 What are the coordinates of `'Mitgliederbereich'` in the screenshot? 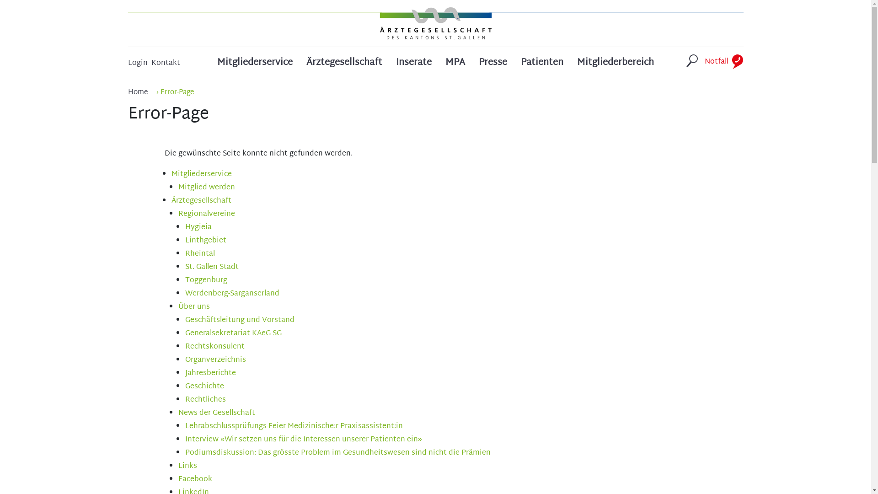 It's located at (615, 65).